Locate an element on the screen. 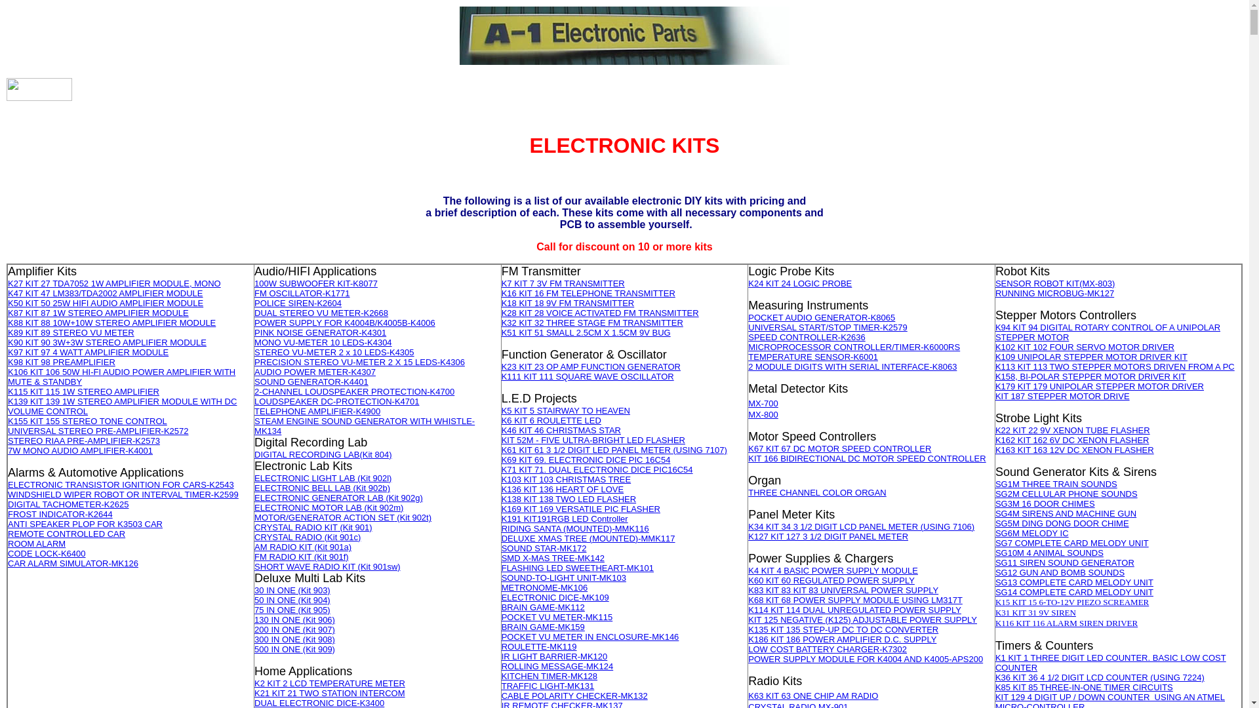 This screenshot has height=708, width=1259. 'KIT 166 BIDIRECTIONAL DC MOTOR SPEED CONTROLLER' is located at coordinates (866, 458).